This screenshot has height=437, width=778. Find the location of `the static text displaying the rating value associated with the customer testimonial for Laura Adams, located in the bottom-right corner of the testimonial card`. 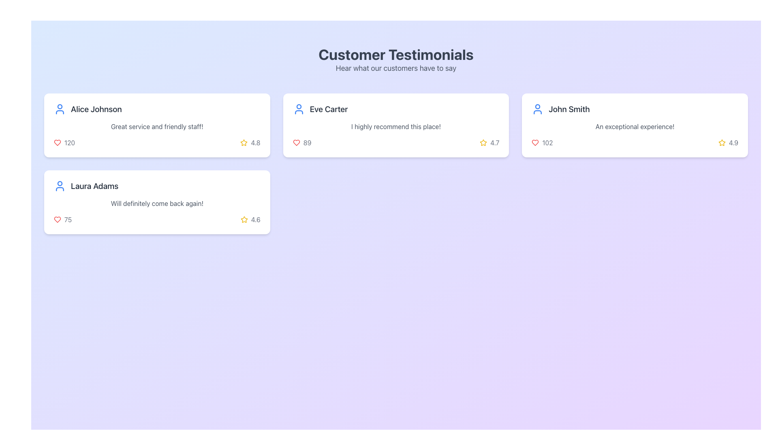

the static text displaying the rating value associated with the customer testimonial for Laura Adams, located in the bottom-right corner of the testimonial card is located at coordinates (255, 220).